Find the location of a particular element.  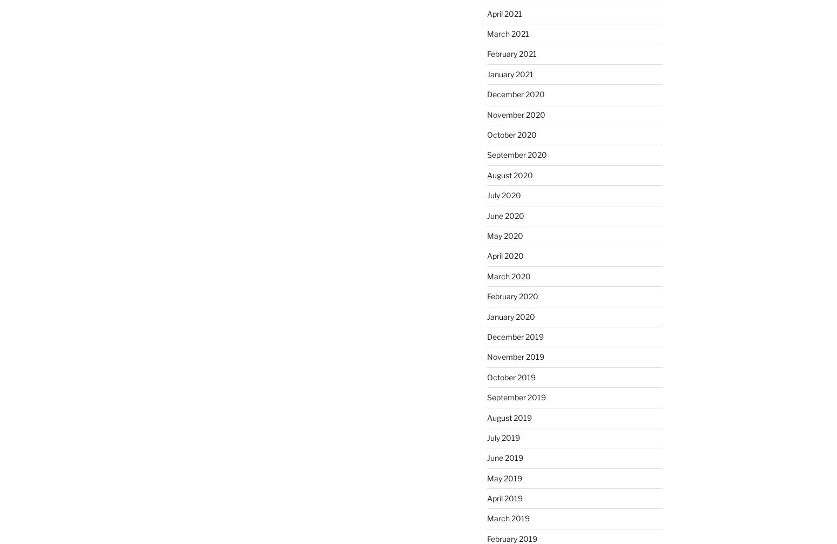

'February 2020' is located at coordinates (487, 295).